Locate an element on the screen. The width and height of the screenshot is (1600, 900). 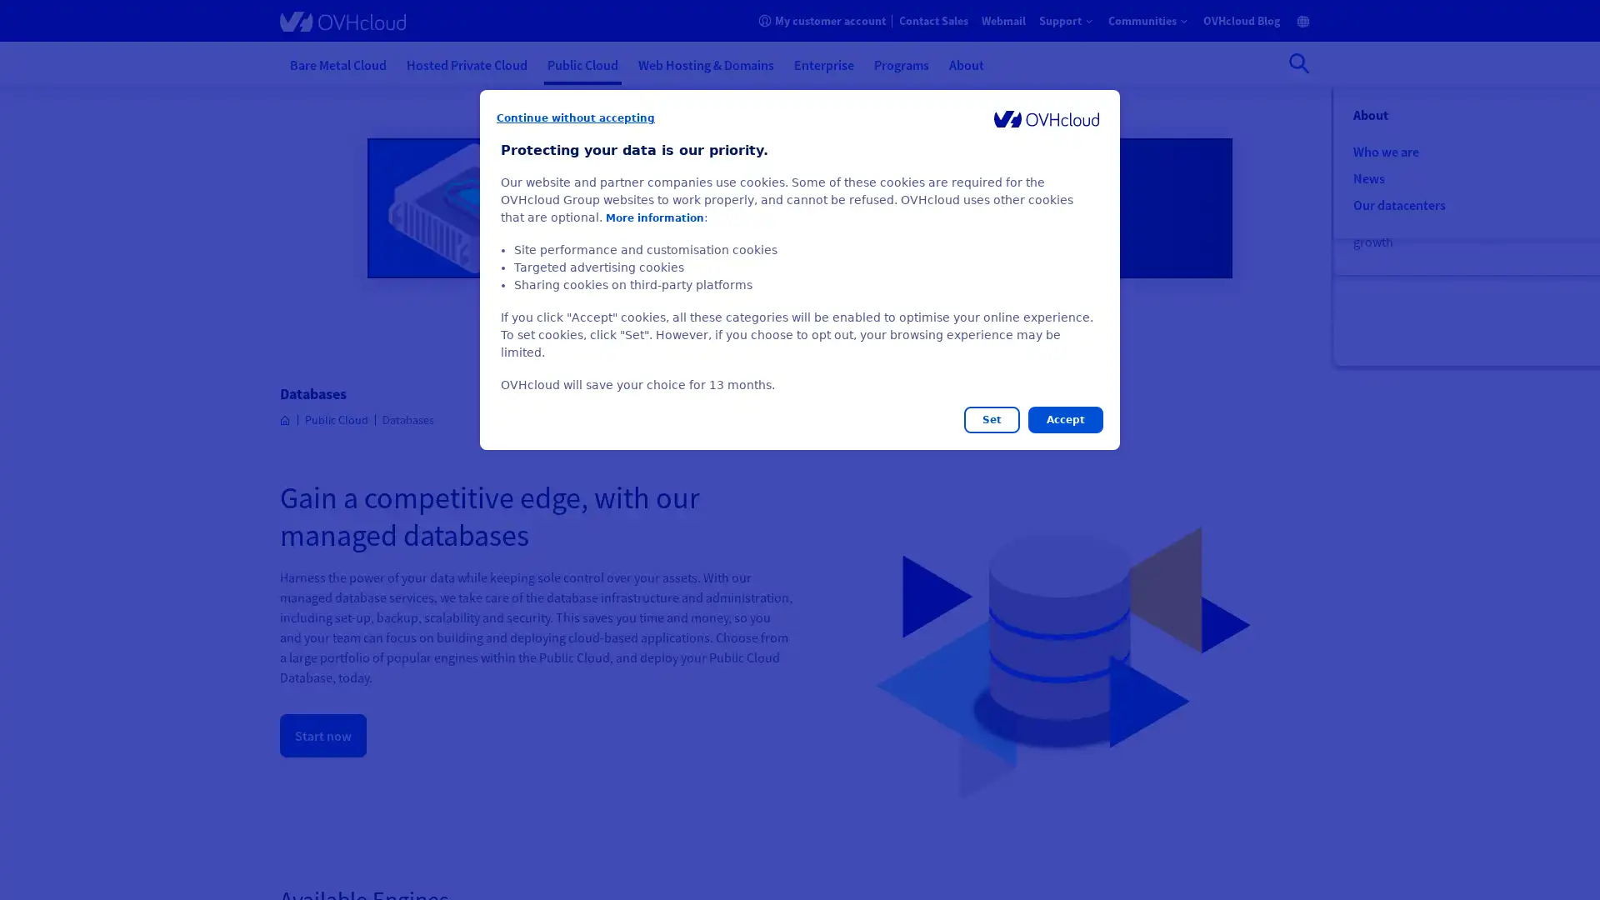
Accept is located at coordinates (1064, 419).